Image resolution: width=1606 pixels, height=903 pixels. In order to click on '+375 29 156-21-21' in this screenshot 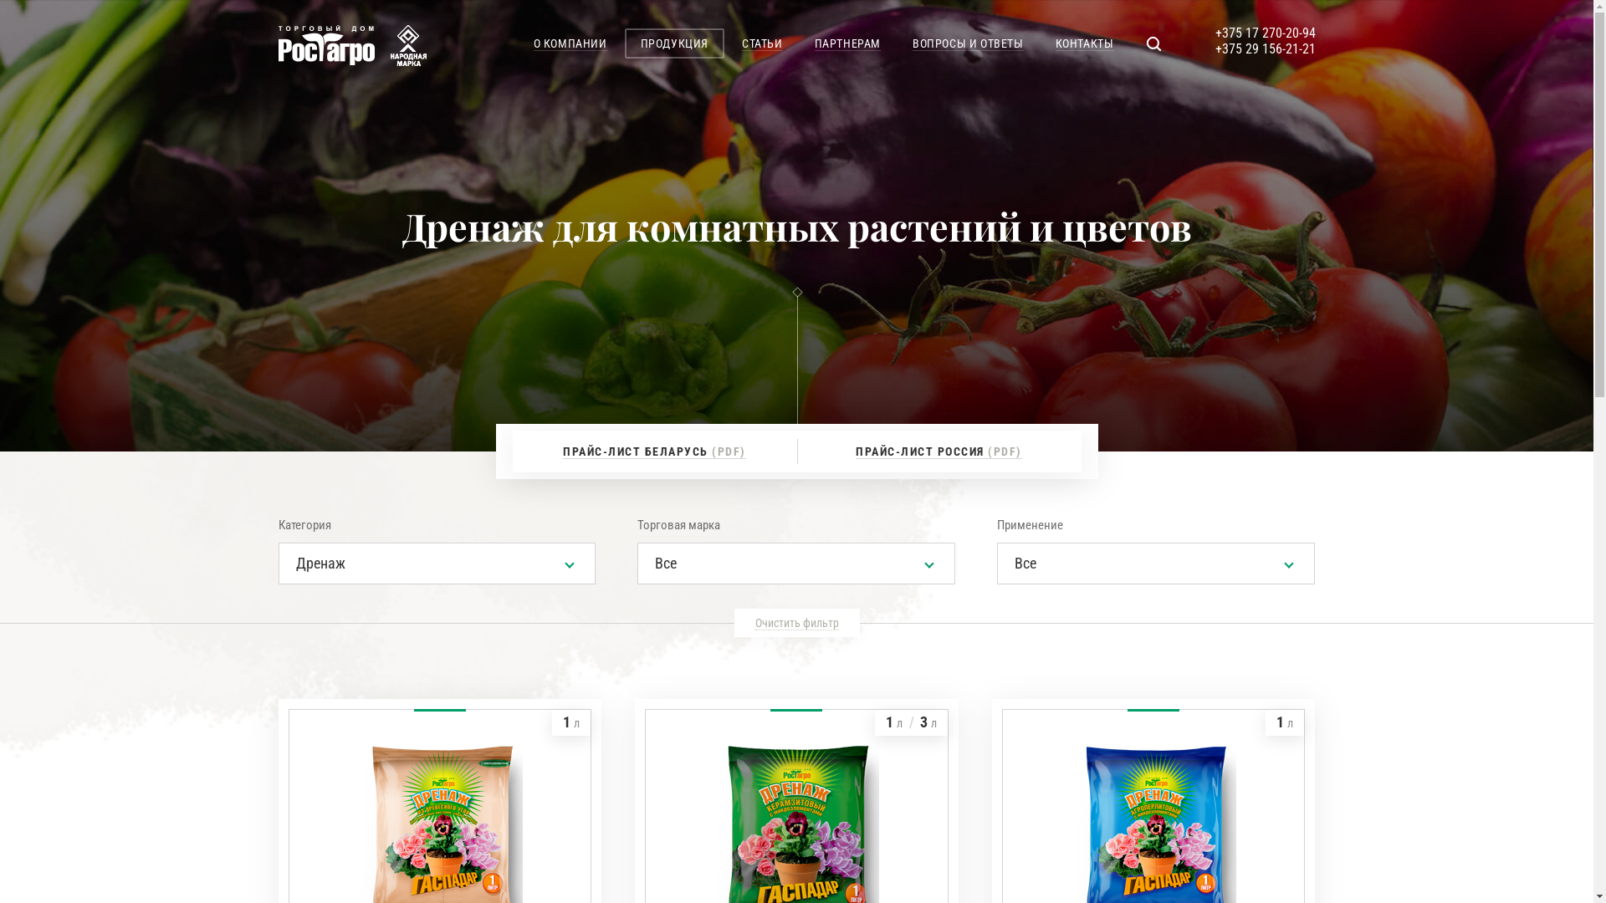, I will do `click(1214, 48)`.